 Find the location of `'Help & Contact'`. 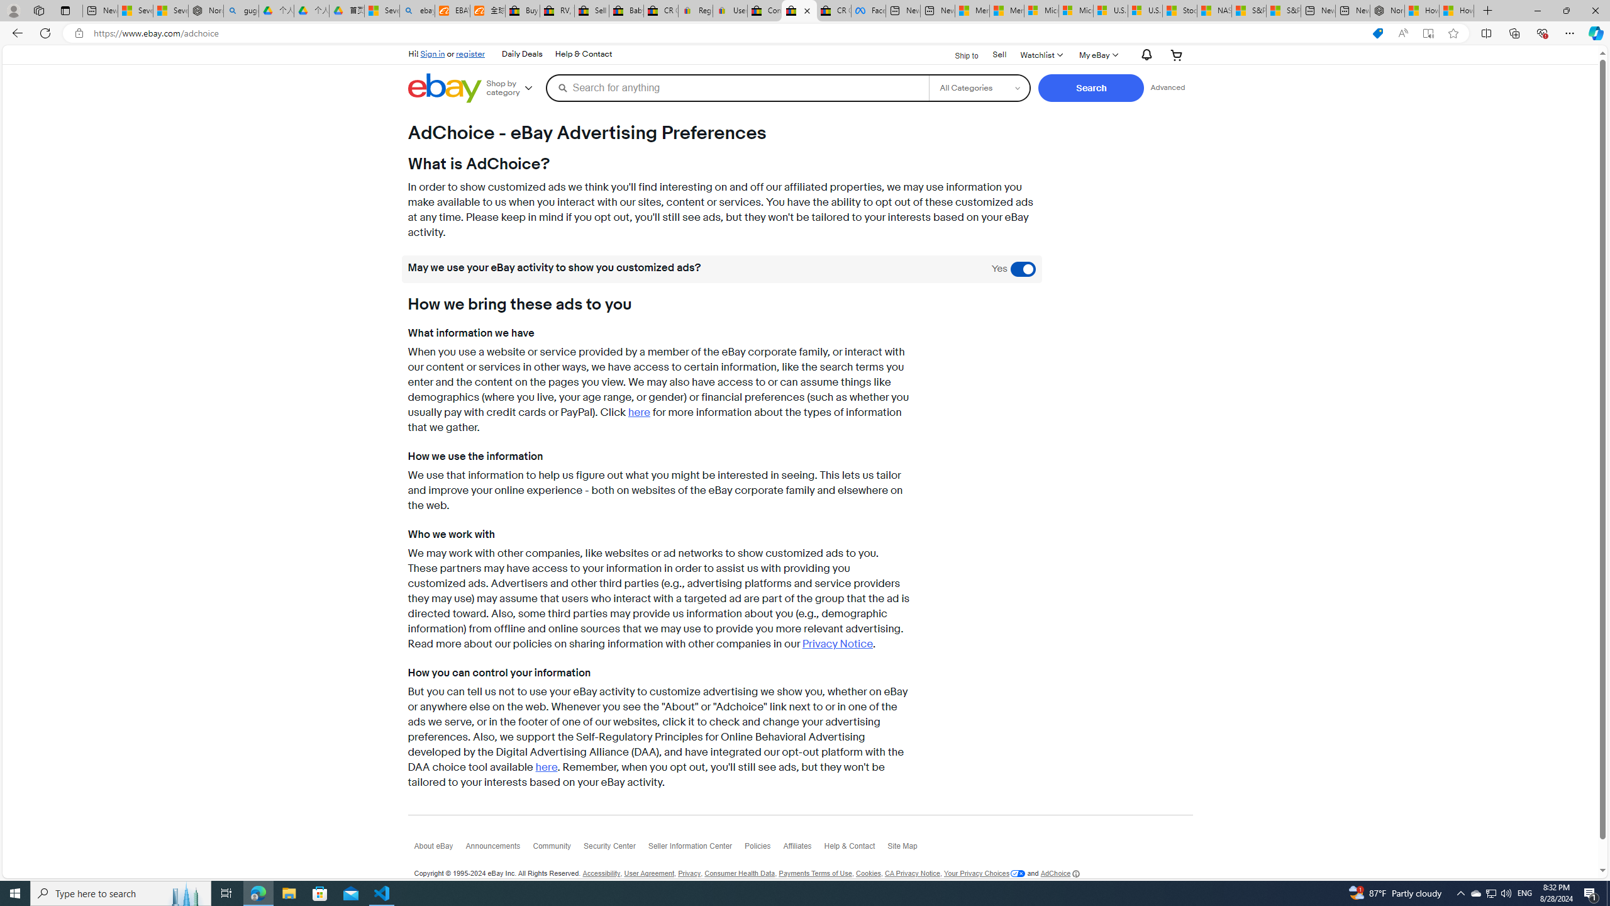

'Help & Contact' is located at coordinates (856, 849).